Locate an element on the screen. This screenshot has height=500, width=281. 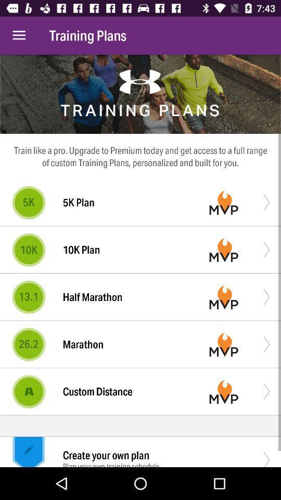
the icon to the left of the training plans item is located at coordinates (19, 35).